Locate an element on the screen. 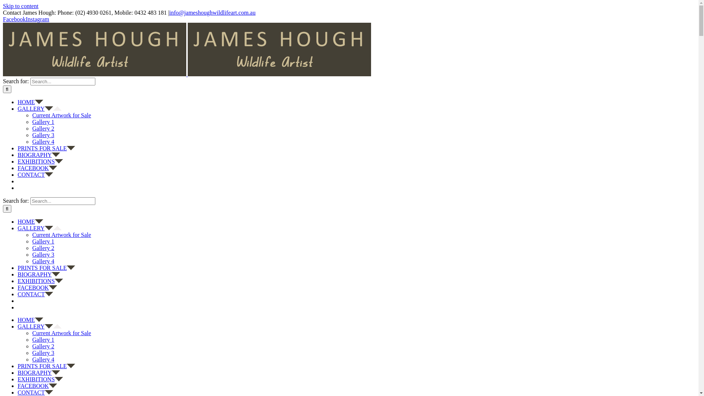  'BIOGRAPHY' is located at coordinates (38, 154).